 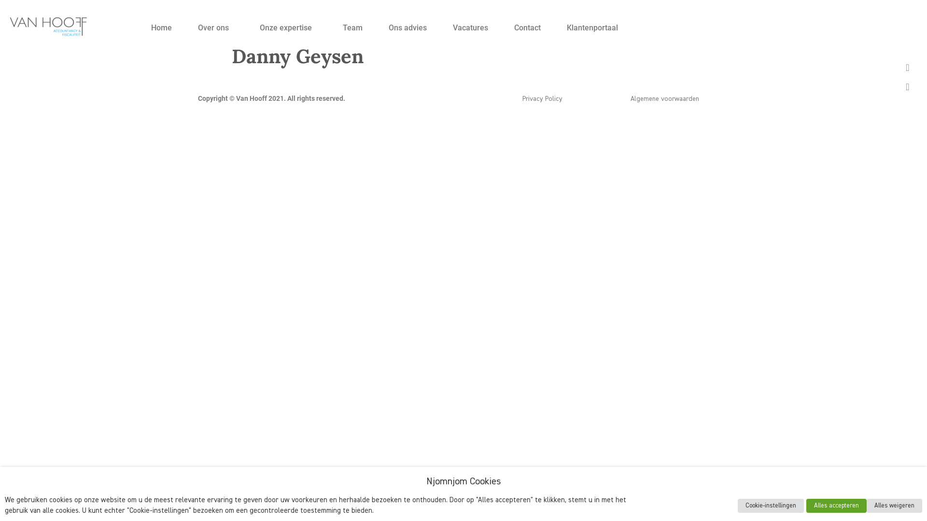 I want to click on 'Alles accepteren', so click(x=836, y=505).